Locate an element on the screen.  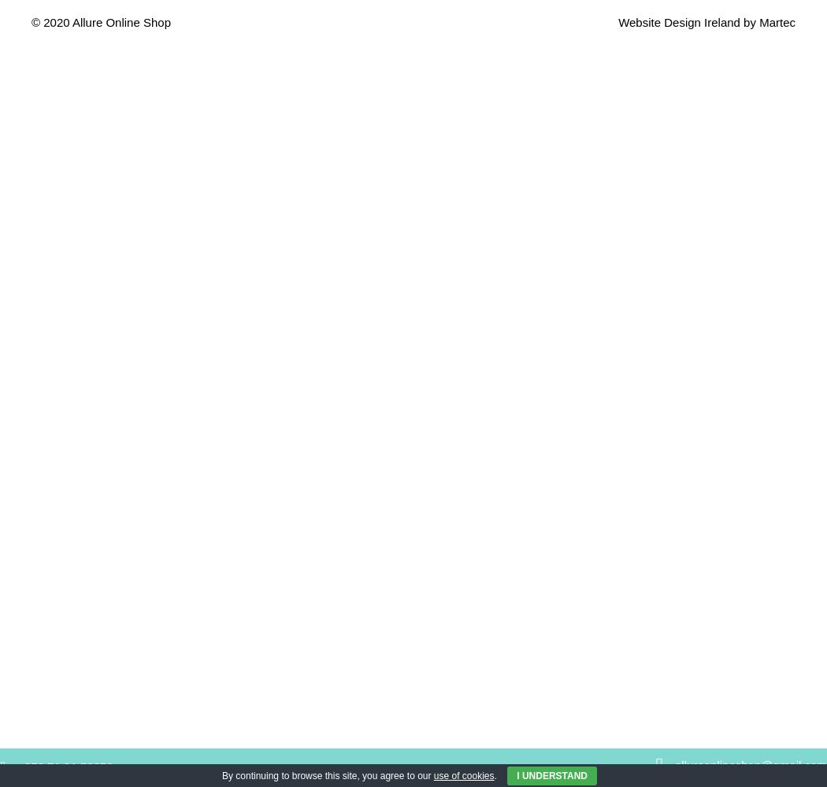
'© 2020 Allure Online Shop' is located at coordinates (100, 21).